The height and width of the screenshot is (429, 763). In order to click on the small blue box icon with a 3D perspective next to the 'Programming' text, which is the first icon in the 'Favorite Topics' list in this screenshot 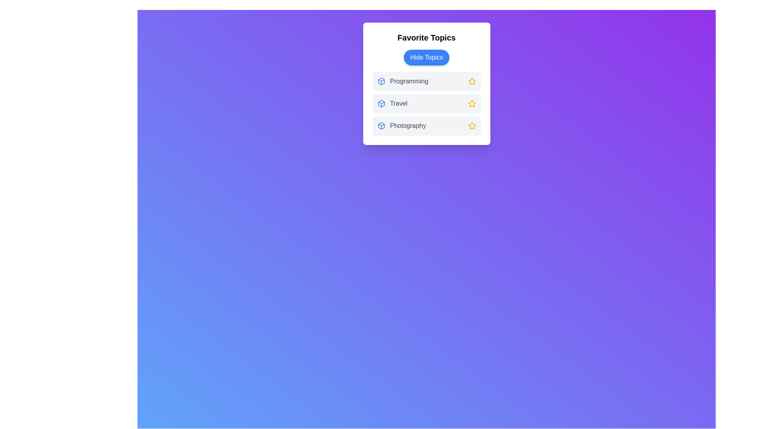, I will do `click(381, 81)`.